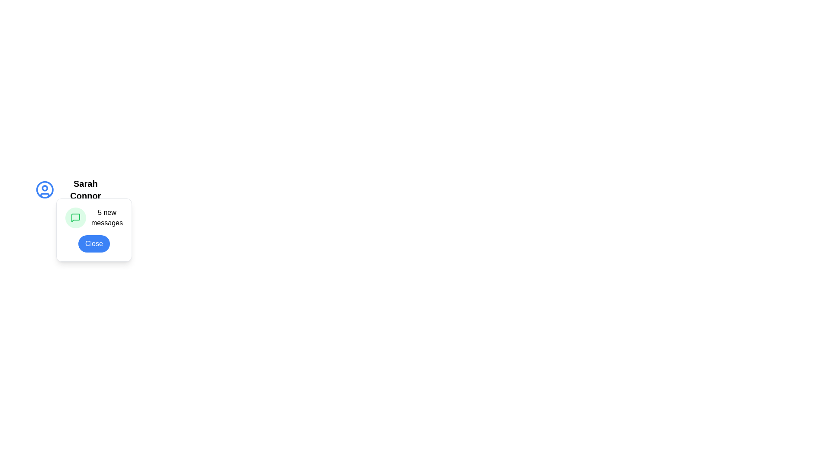 The width and height of the screenshot is (831, 467). I want to click on the static text label indicating unread messages, which is located next to the green bubble icon and above the 'Close' button in the notification dialog, so click(106, 218).